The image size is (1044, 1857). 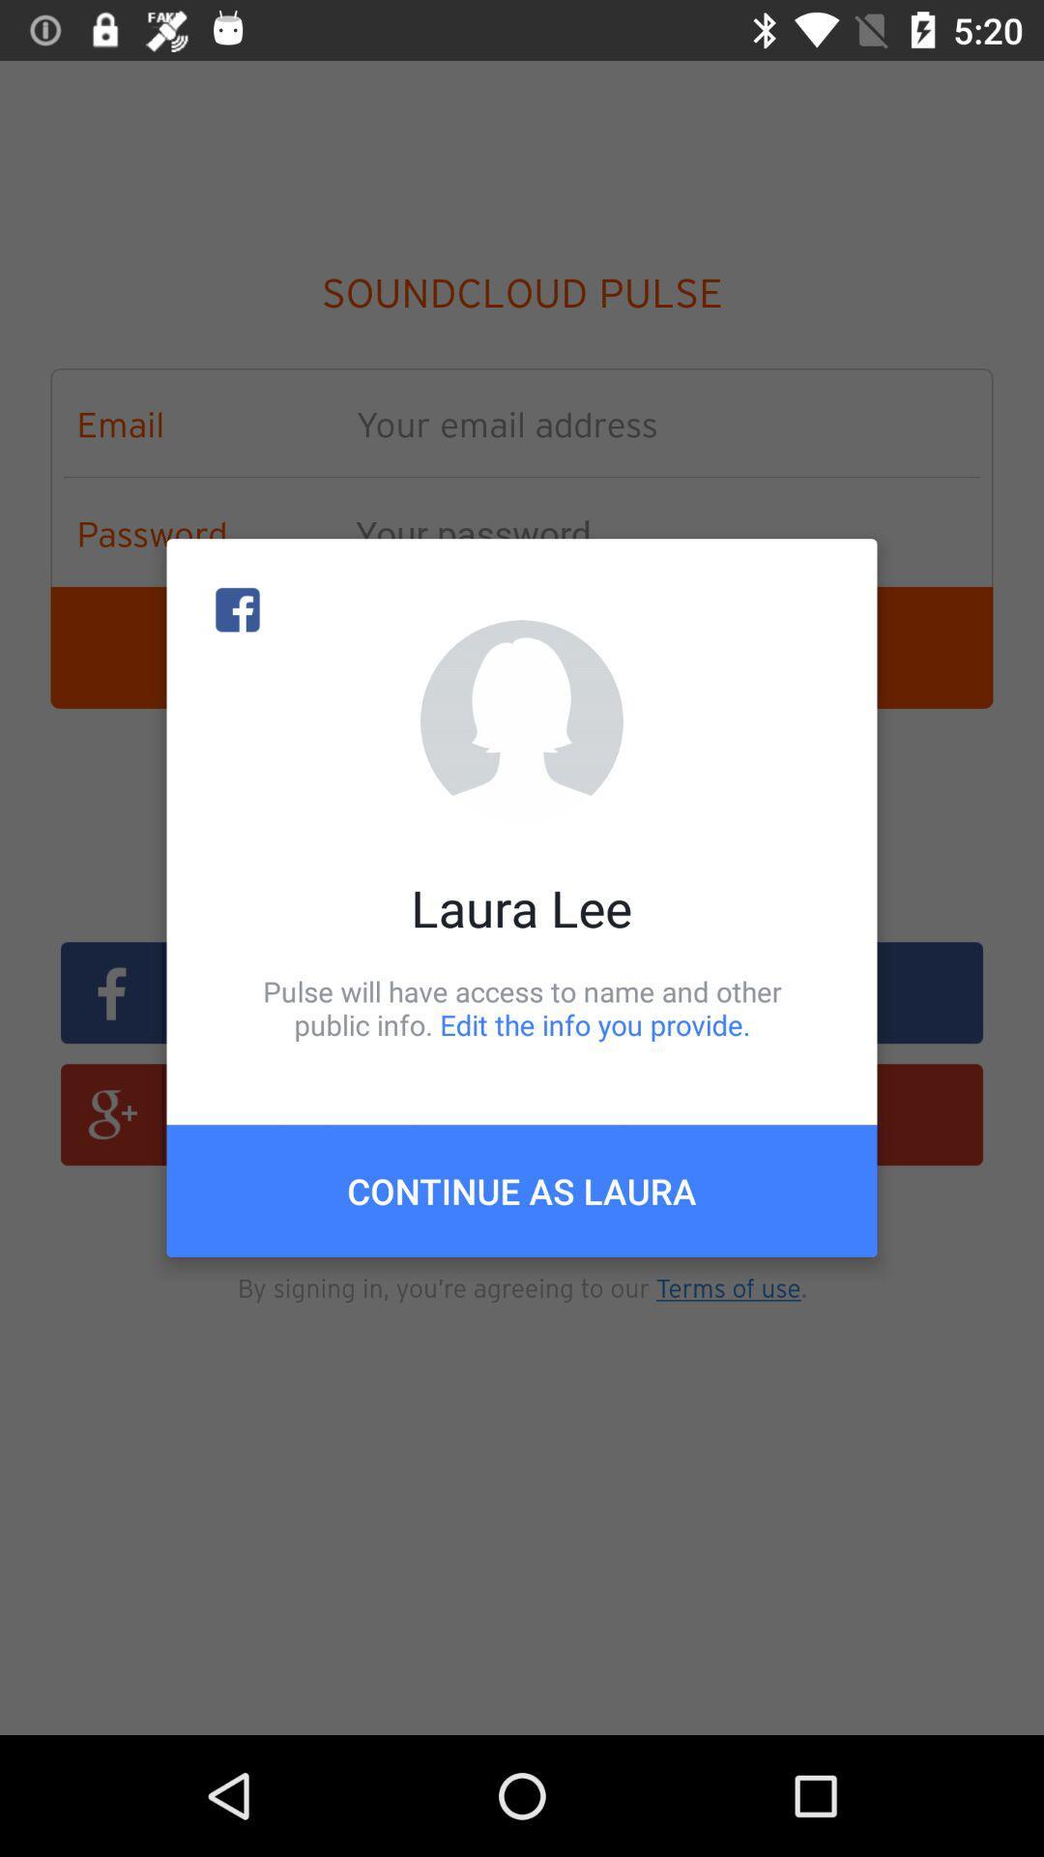 What do you see at coordinates (522, 1007) in the screenshot?
I see `pulse will have` at bounding box center [522, 1007].